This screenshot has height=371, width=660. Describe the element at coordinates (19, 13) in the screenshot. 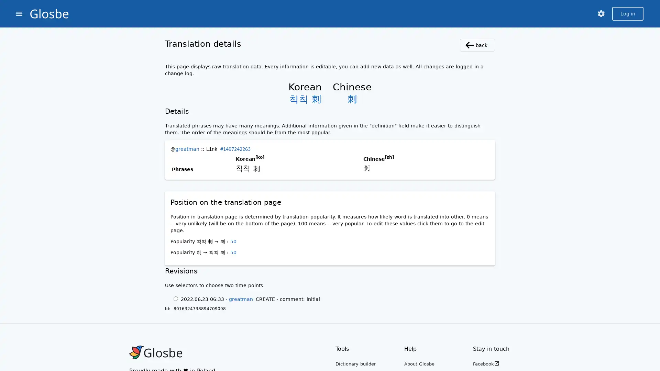

I see `menu` at that location.